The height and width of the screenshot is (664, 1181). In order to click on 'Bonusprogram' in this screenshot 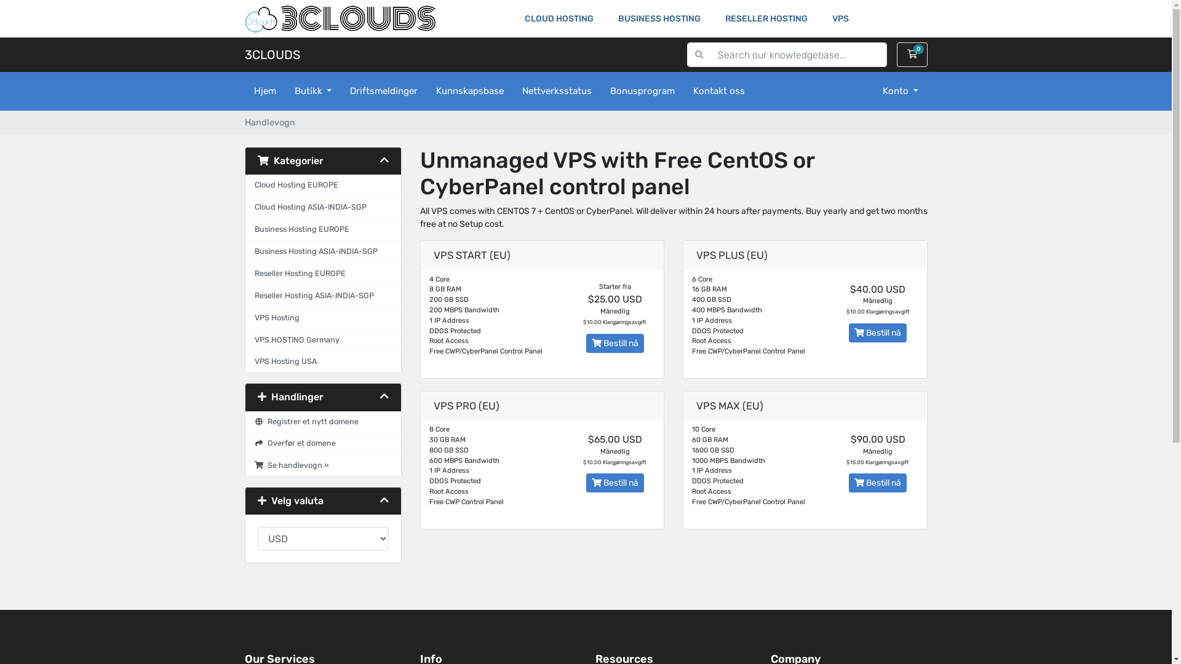, I will do `click(601, 90)`.